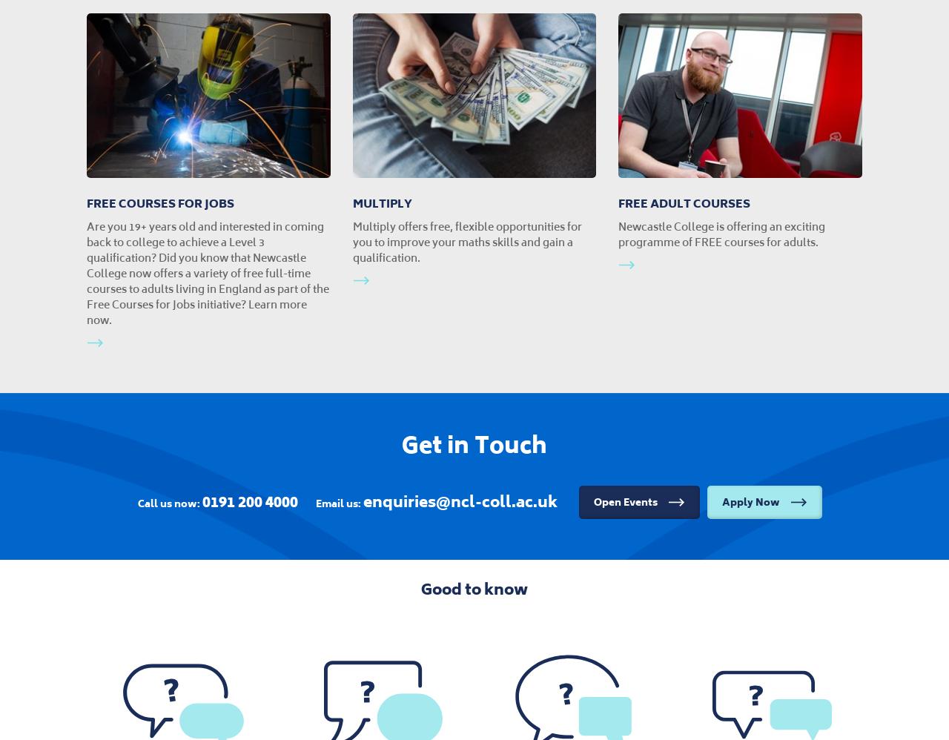 Image resolution: width=949 pixels, height=740 pixels. What do you see at coordinates (626, 501) in the screenshot?
I see `'Open Events'` at bounding box center [626, 501].